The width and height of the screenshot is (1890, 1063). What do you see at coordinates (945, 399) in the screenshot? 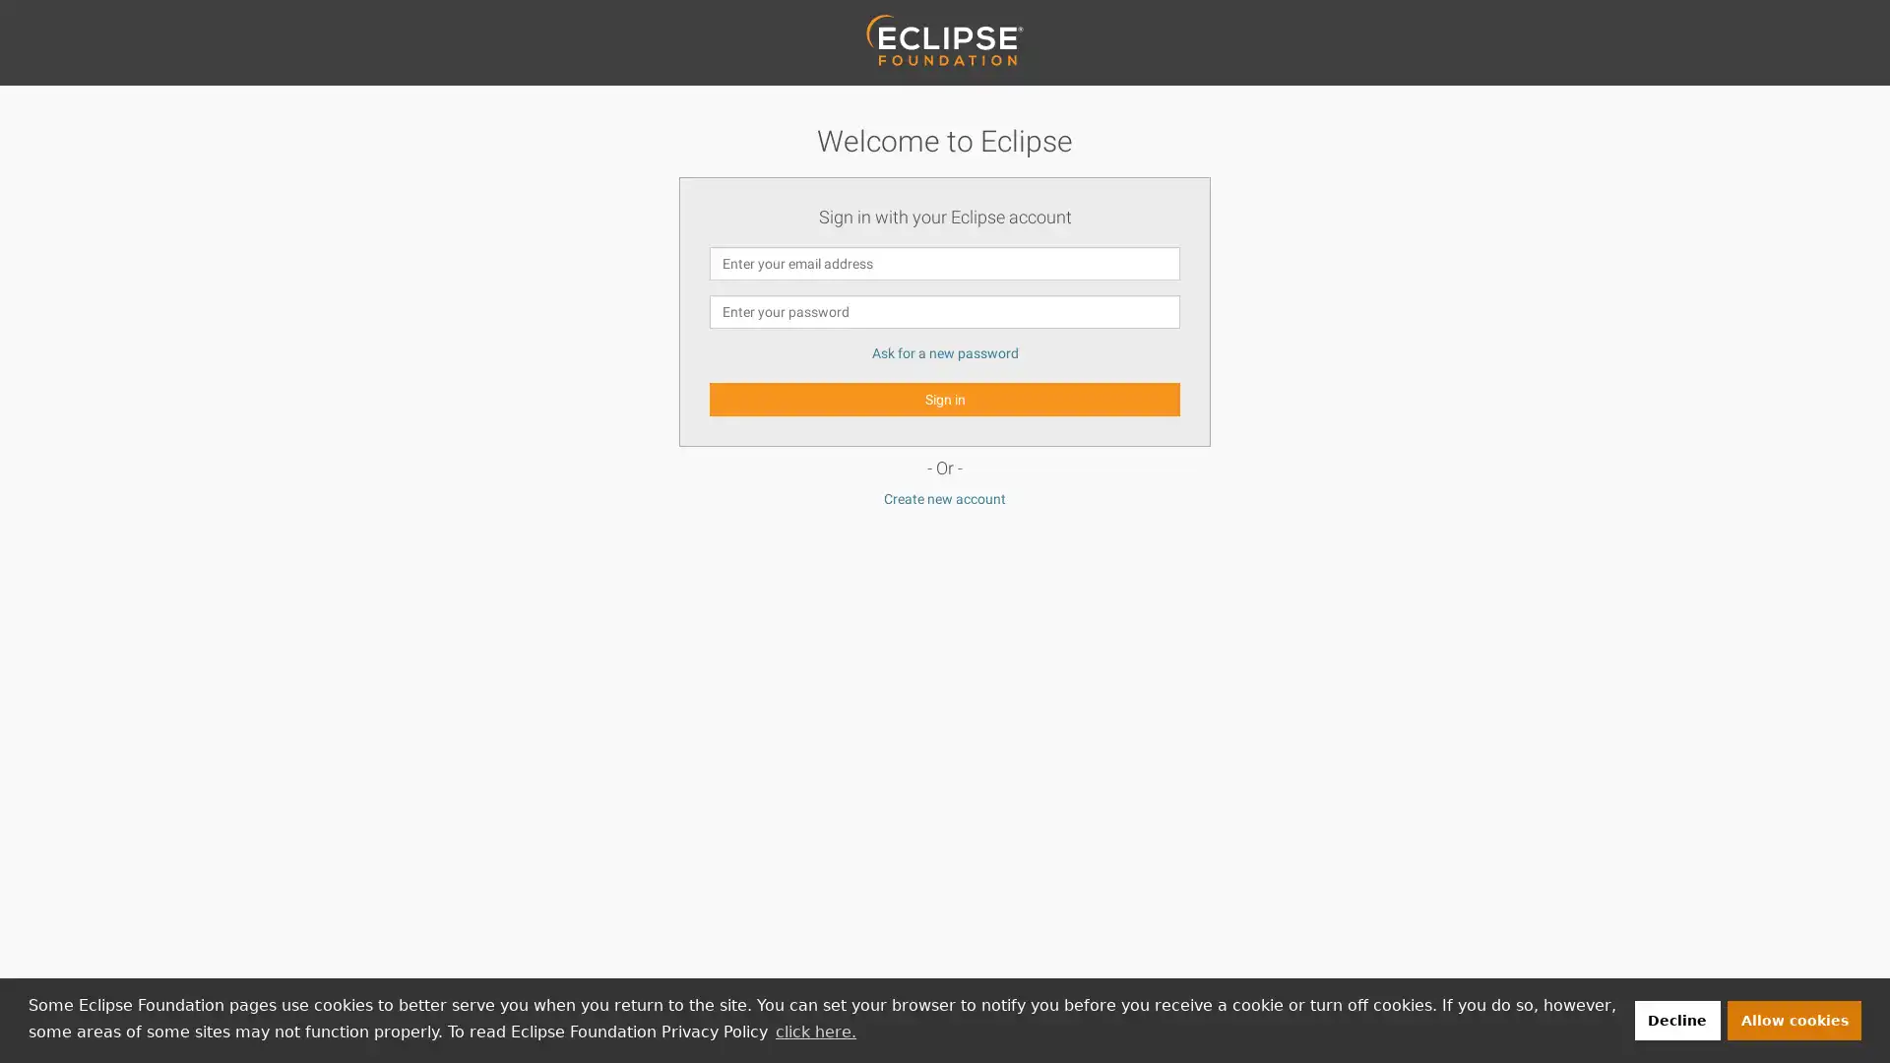
I see `Sign in` at bounding box center [945, 399].